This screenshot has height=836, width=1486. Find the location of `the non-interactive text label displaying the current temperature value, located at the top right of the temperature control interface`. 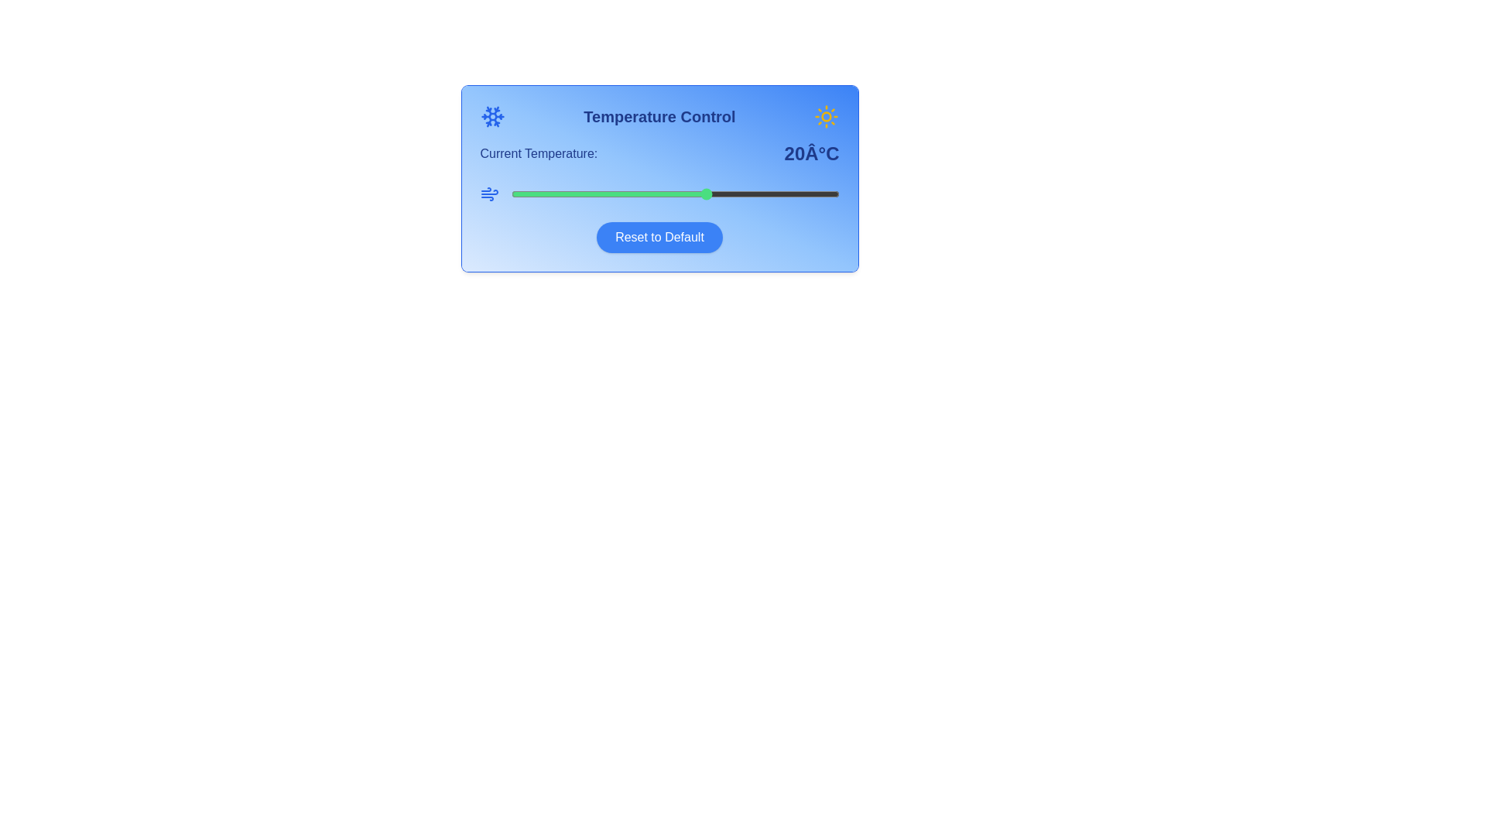

the non-interactive text label displaying the current temperature value, located at the top right of the temperature control interface is located at coordinates (811, 154).